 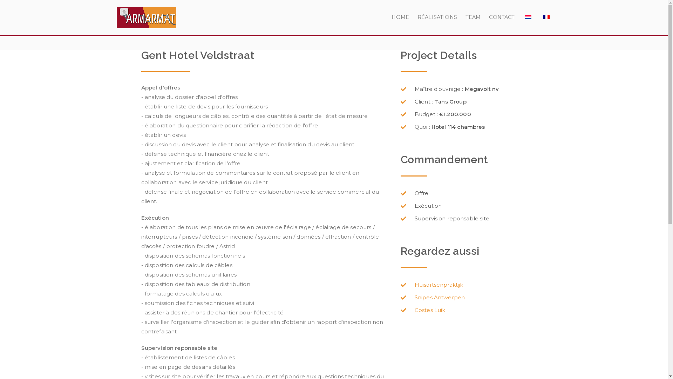 What do you see at coordinates (220, 26) in the screenshot?
I see `'Armarmat'` at bounding box center [220, 26].